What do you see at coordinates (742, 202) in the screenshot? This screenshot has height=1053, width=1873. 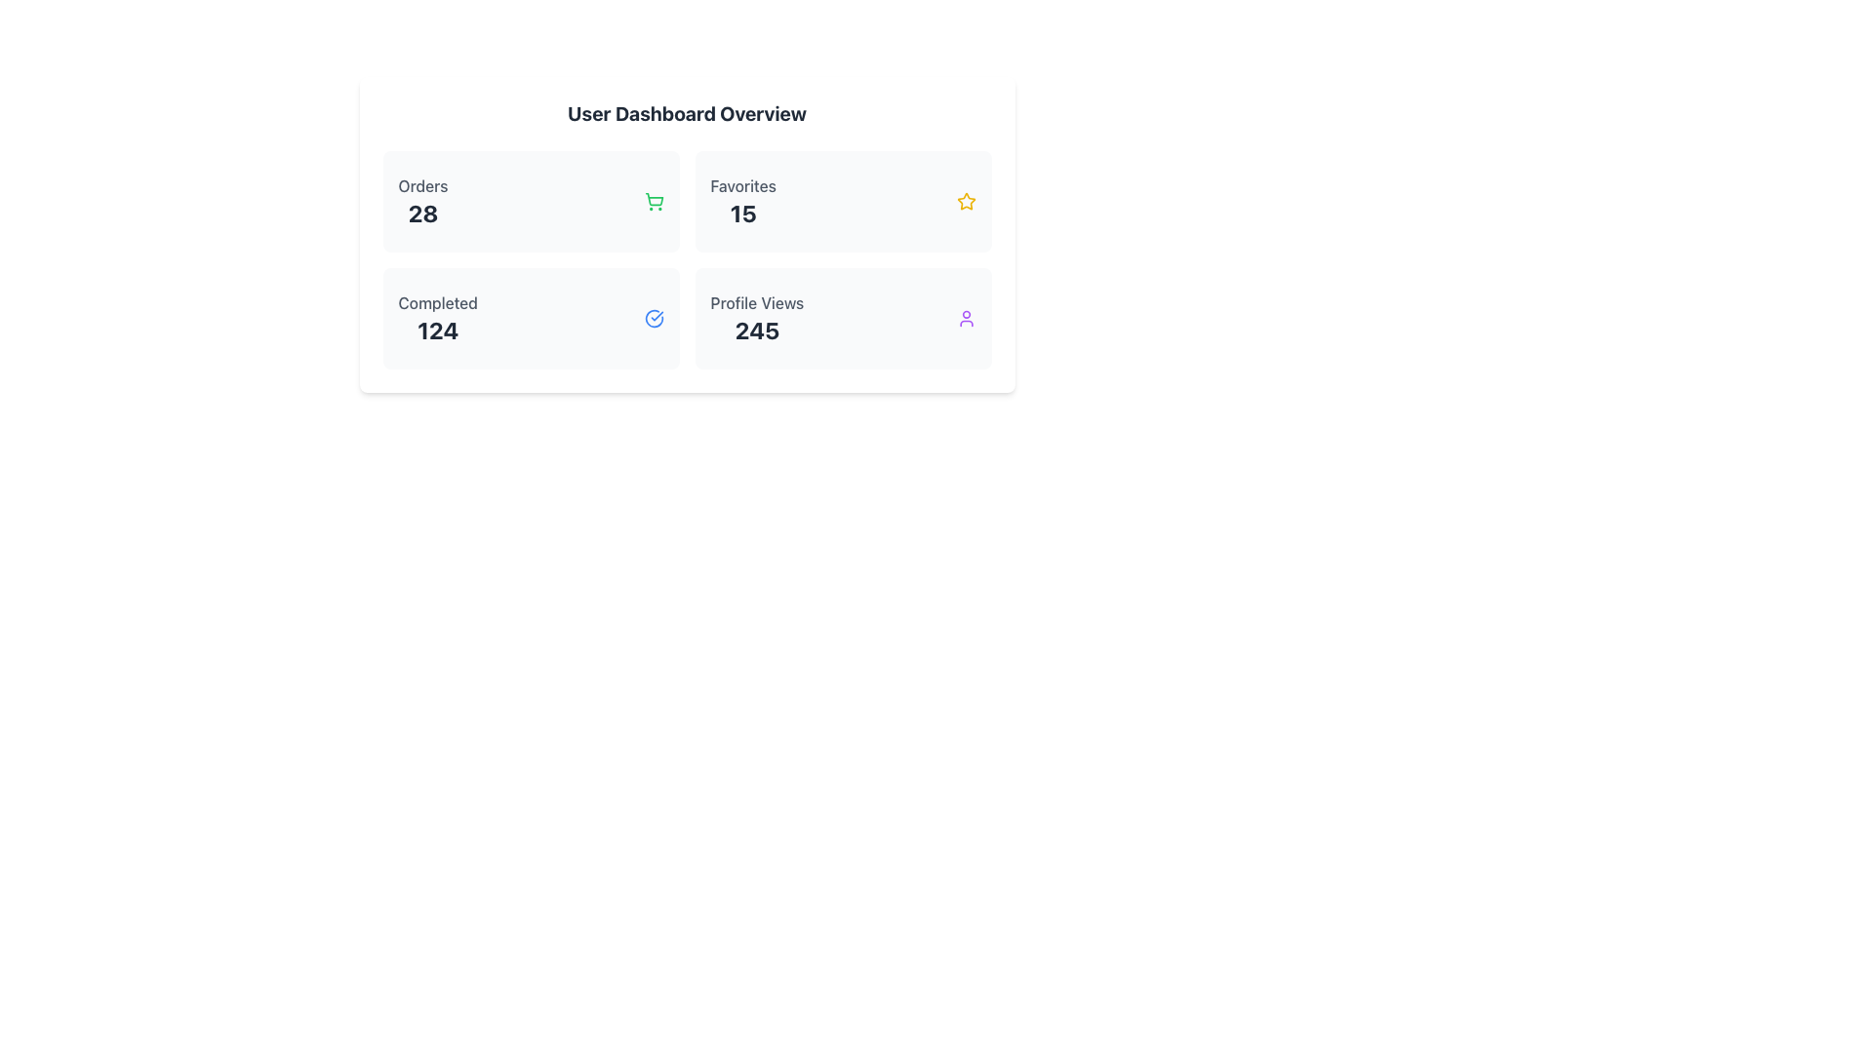 I see `the 'Favorites' label which displays the number '15', styled with medium-weight gray text above bold, large dark gray text, positioned in the top-right of the grid under 'User Dashboard Overview'` at bounding box center [742, 202].